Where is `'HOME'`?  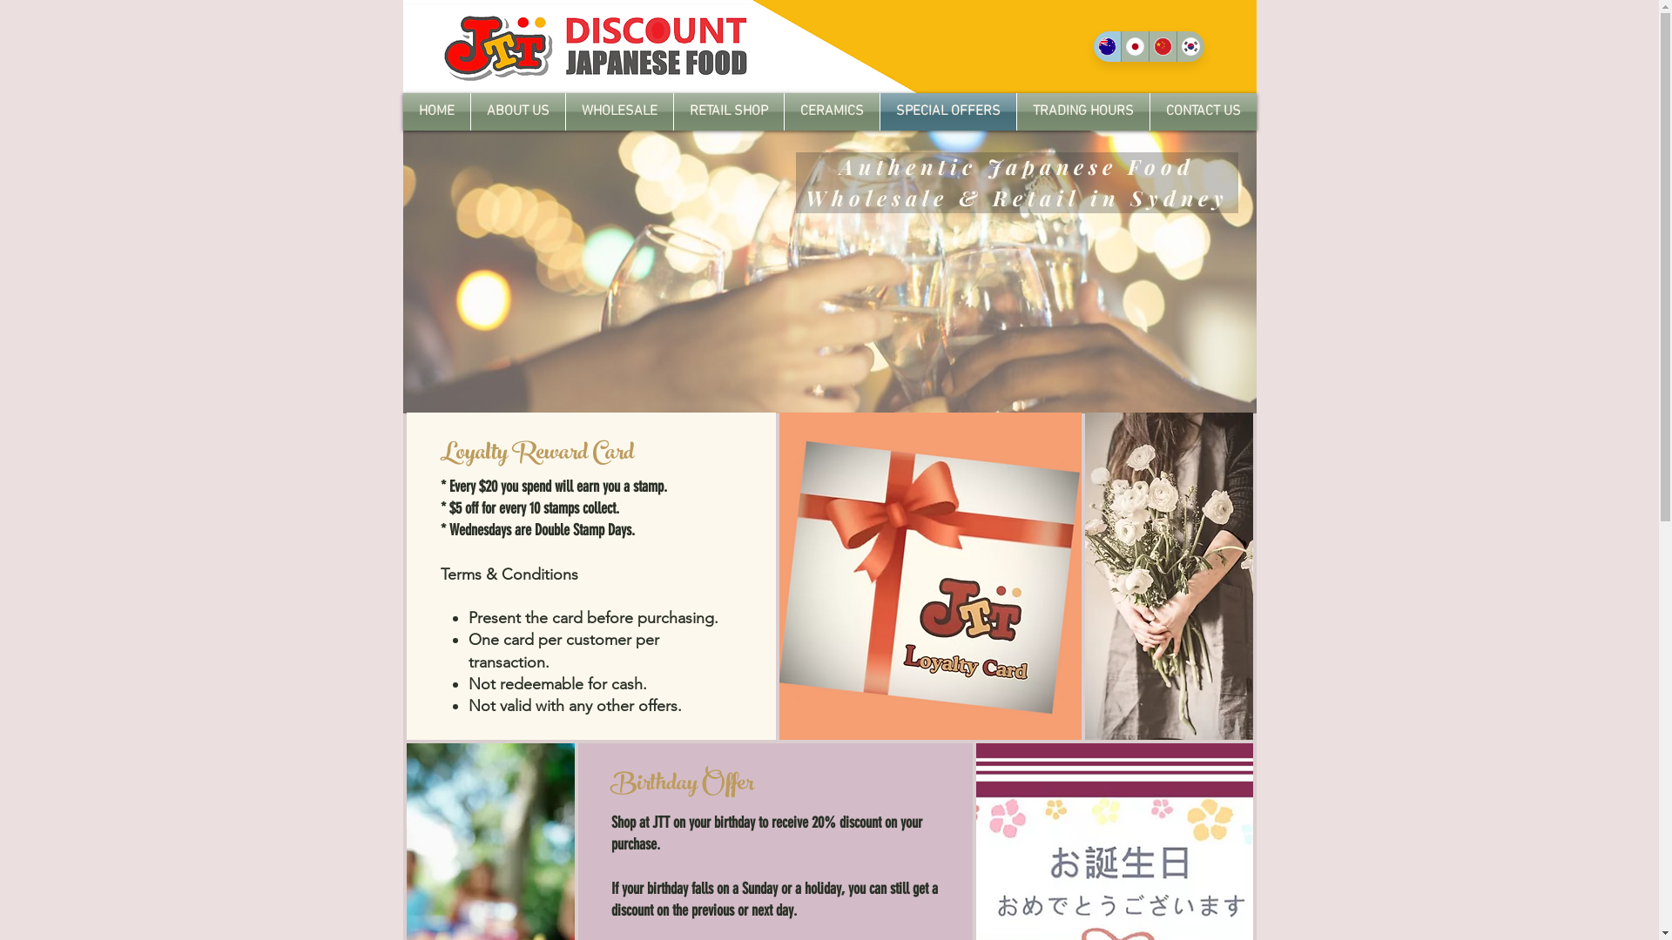
'HOME' is located at coordinates (435, 111).